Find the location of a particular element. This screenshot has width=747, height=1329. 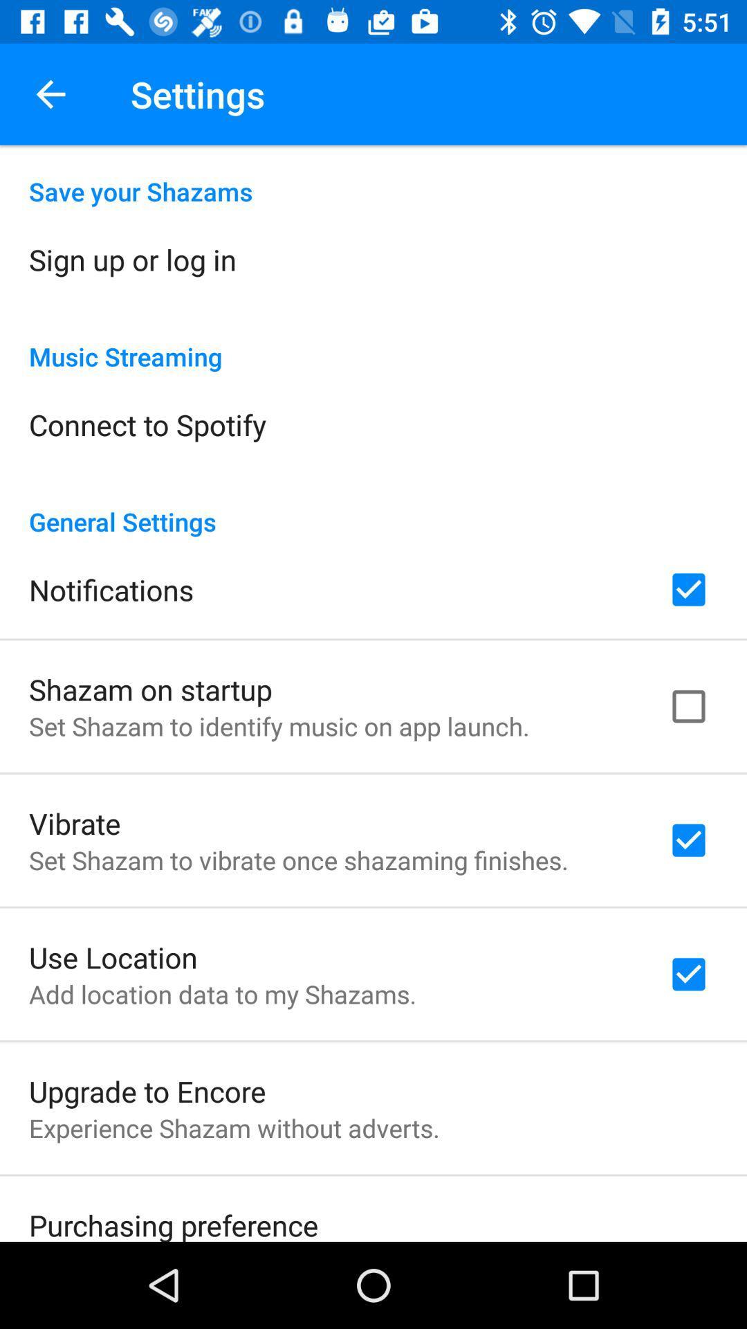

notification option is located at coordinates (688, 589).